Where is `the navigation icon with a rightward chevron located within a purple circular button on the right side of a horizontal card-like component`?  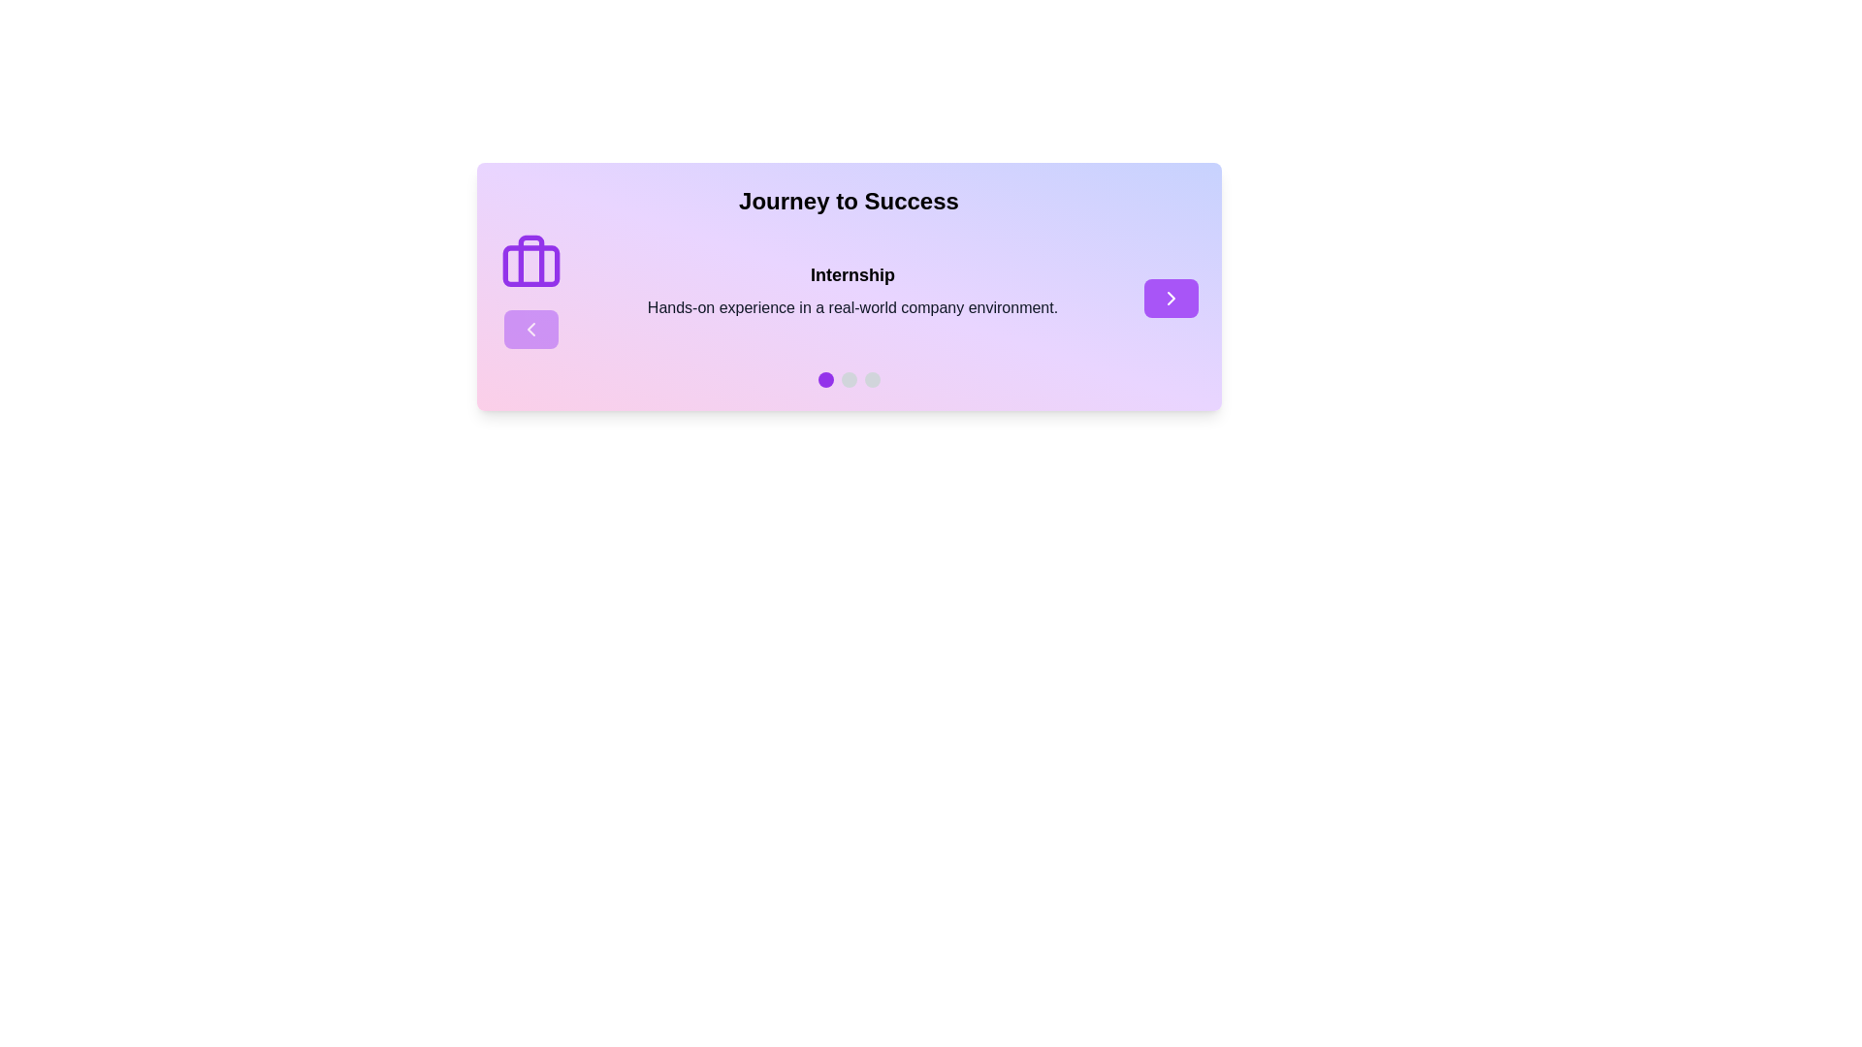
the navigation icon with a rightward chevron located within a purple circular button on the right side of a horizontal card-like component is located at coordinates (1170, 299).